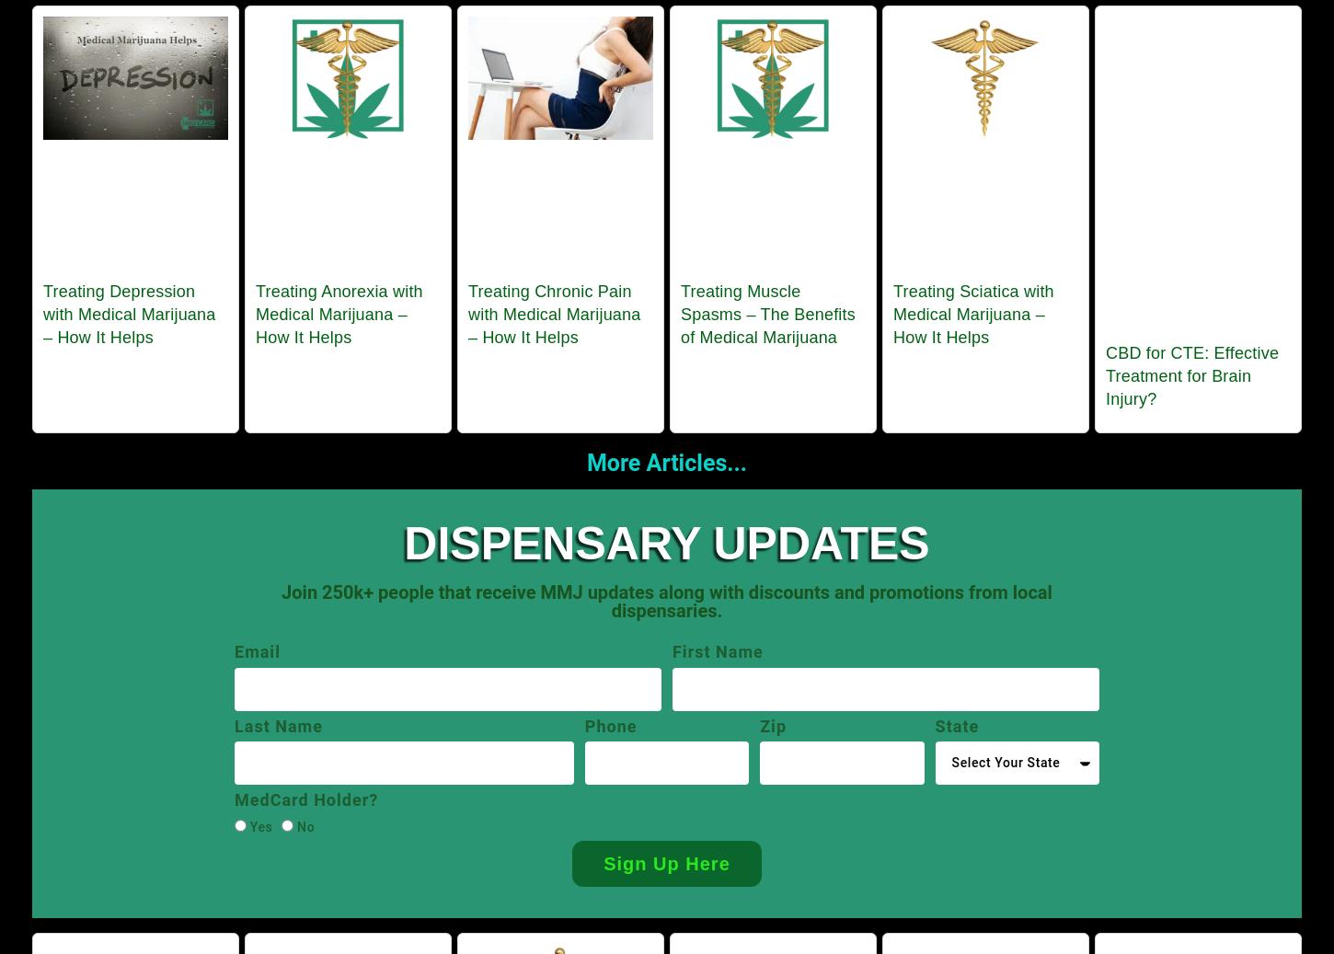 The height and width of the screenshot is (954, 1334). Describe the element at coordinates (773, 725) in the screenshot. I see `'Zip'` at that location.